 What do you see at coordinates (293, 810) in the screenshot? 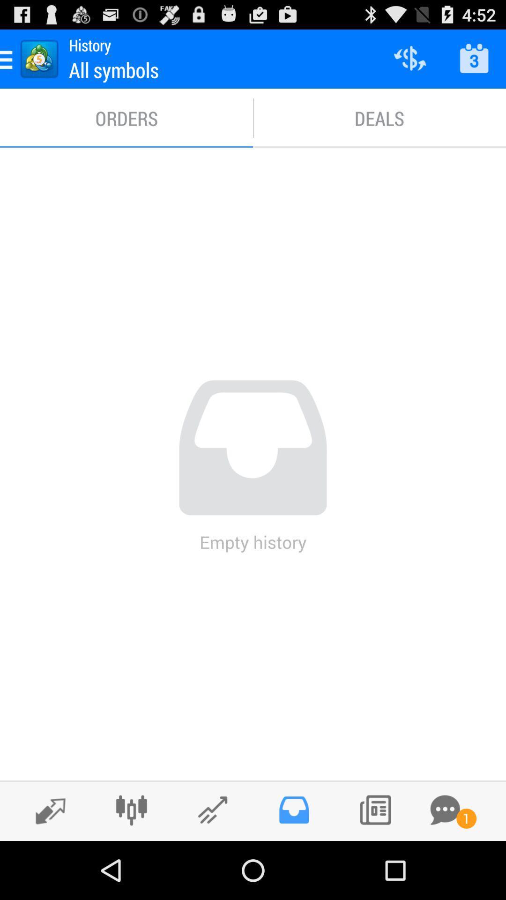
I see `history` at bounding box center [293, 810].